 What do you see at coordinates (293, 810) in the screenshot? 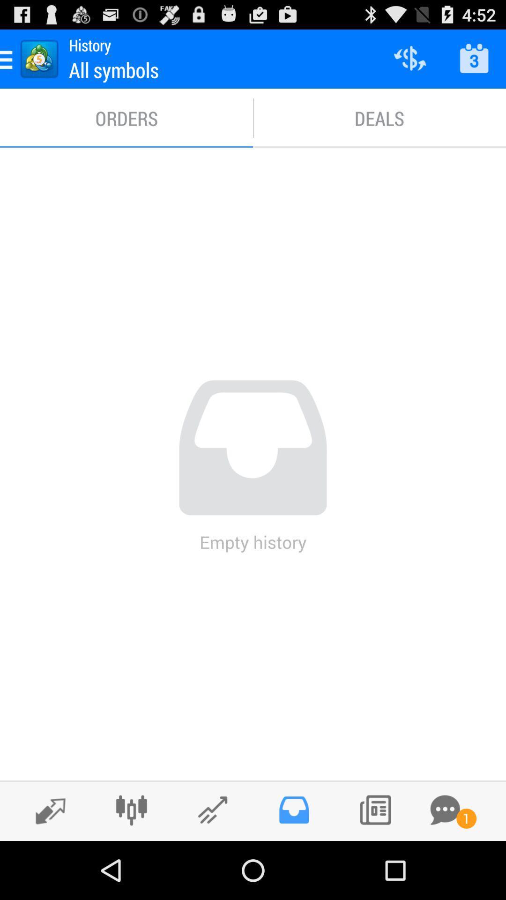
I see `history` at bounding box center [293, 810].